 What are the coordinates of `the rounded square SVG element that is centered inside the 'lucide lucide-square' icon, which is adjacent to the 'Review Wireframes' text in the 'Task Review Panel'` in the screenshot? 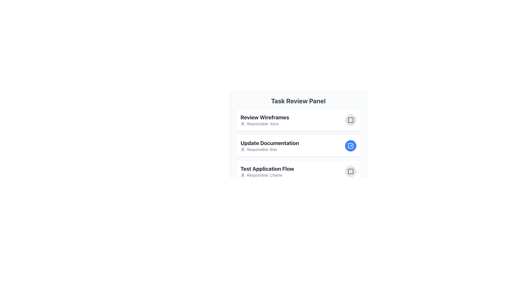 It's located at (350, 120).